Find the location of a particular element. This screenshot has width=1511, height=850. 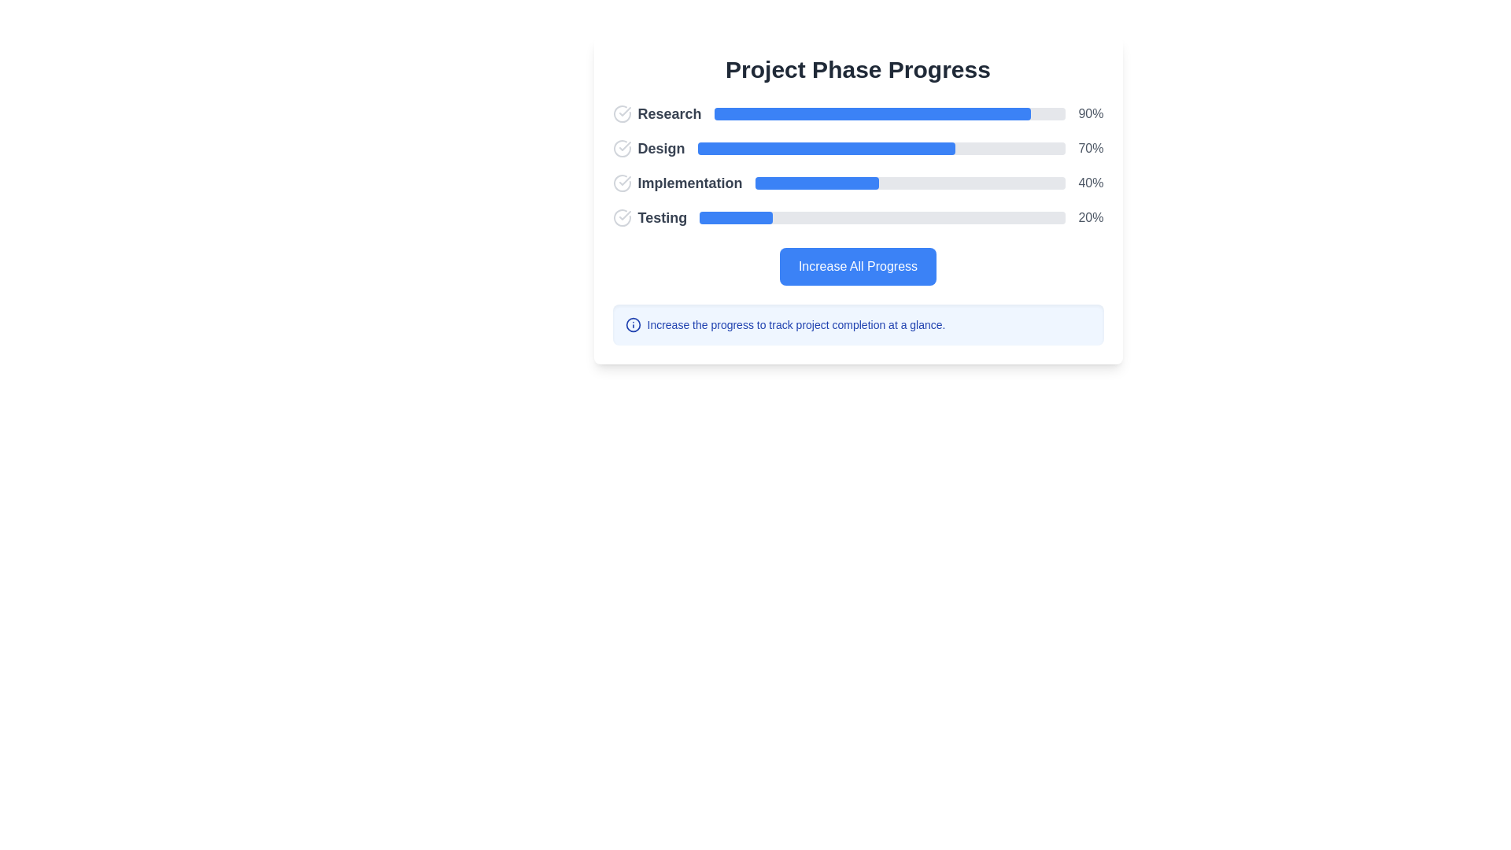

the 'Implementation' text label with a circular check icon located between the 'Design' and 'Testing' phases in the project phases list is located at coordinates (677, 182).